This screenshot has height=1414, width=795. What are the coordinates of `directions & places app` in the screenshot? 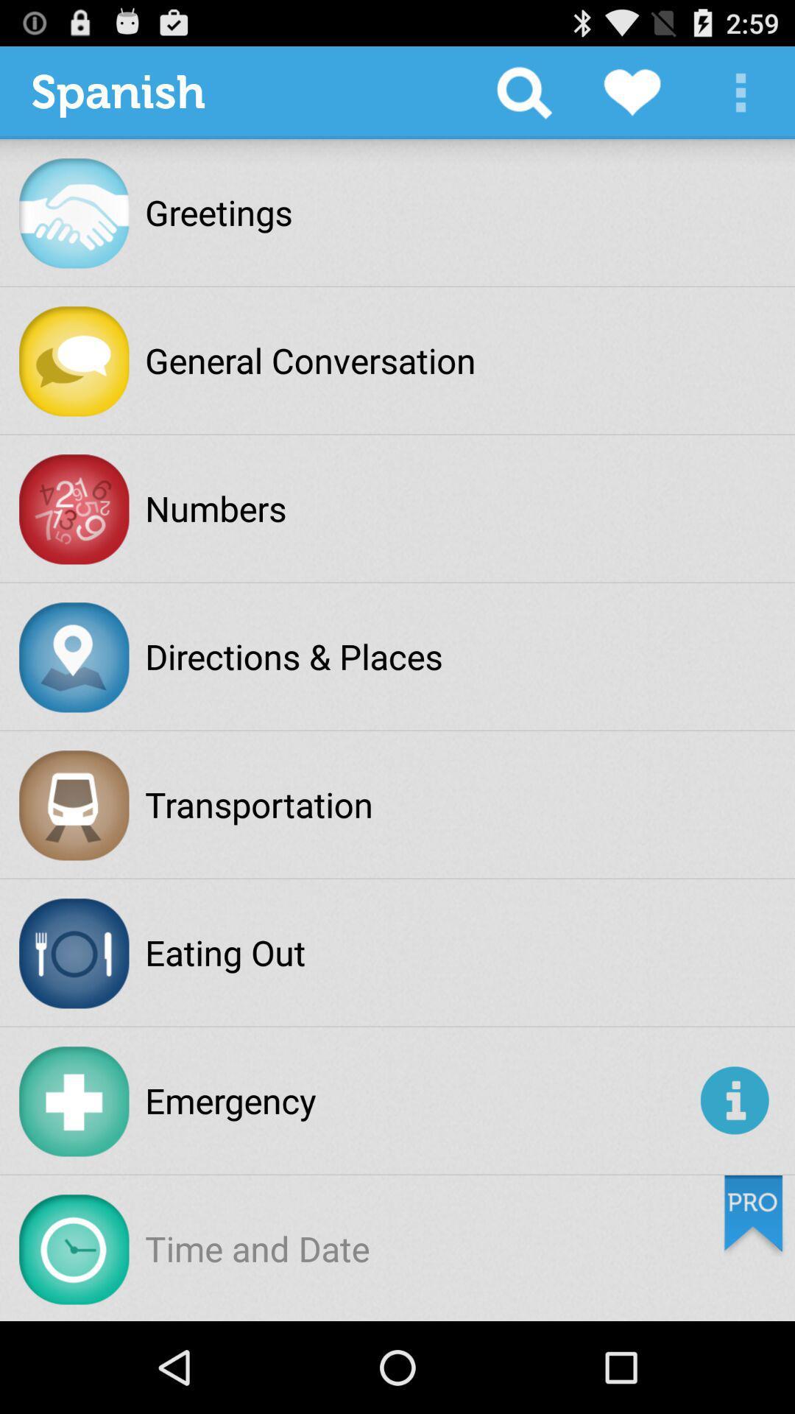 It's located at (294, 655).